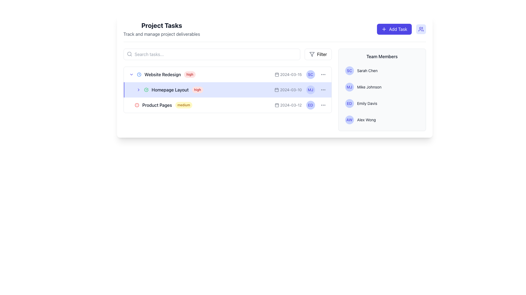 This screenshot has height=295, width=526. I want to click on the small calendar icon styled with the 'lucide' library, located inline with the task date '2024-03-15' in the 'Website Redesign' task row, so click(277, 75).